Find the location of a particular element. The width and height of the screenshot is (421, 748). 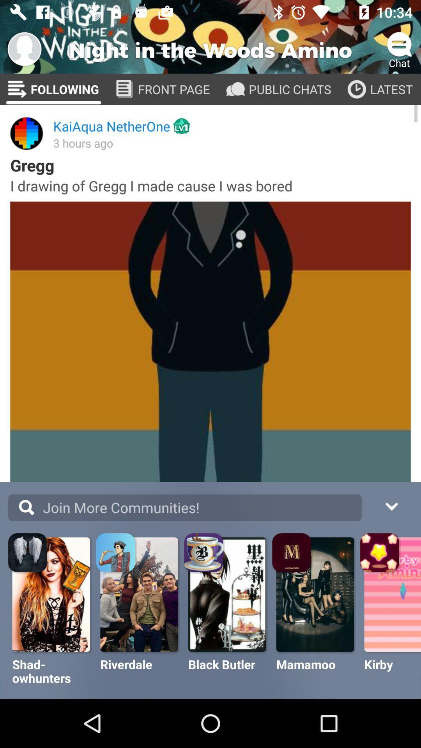

image above gregg is located at coordinates (26, 133).